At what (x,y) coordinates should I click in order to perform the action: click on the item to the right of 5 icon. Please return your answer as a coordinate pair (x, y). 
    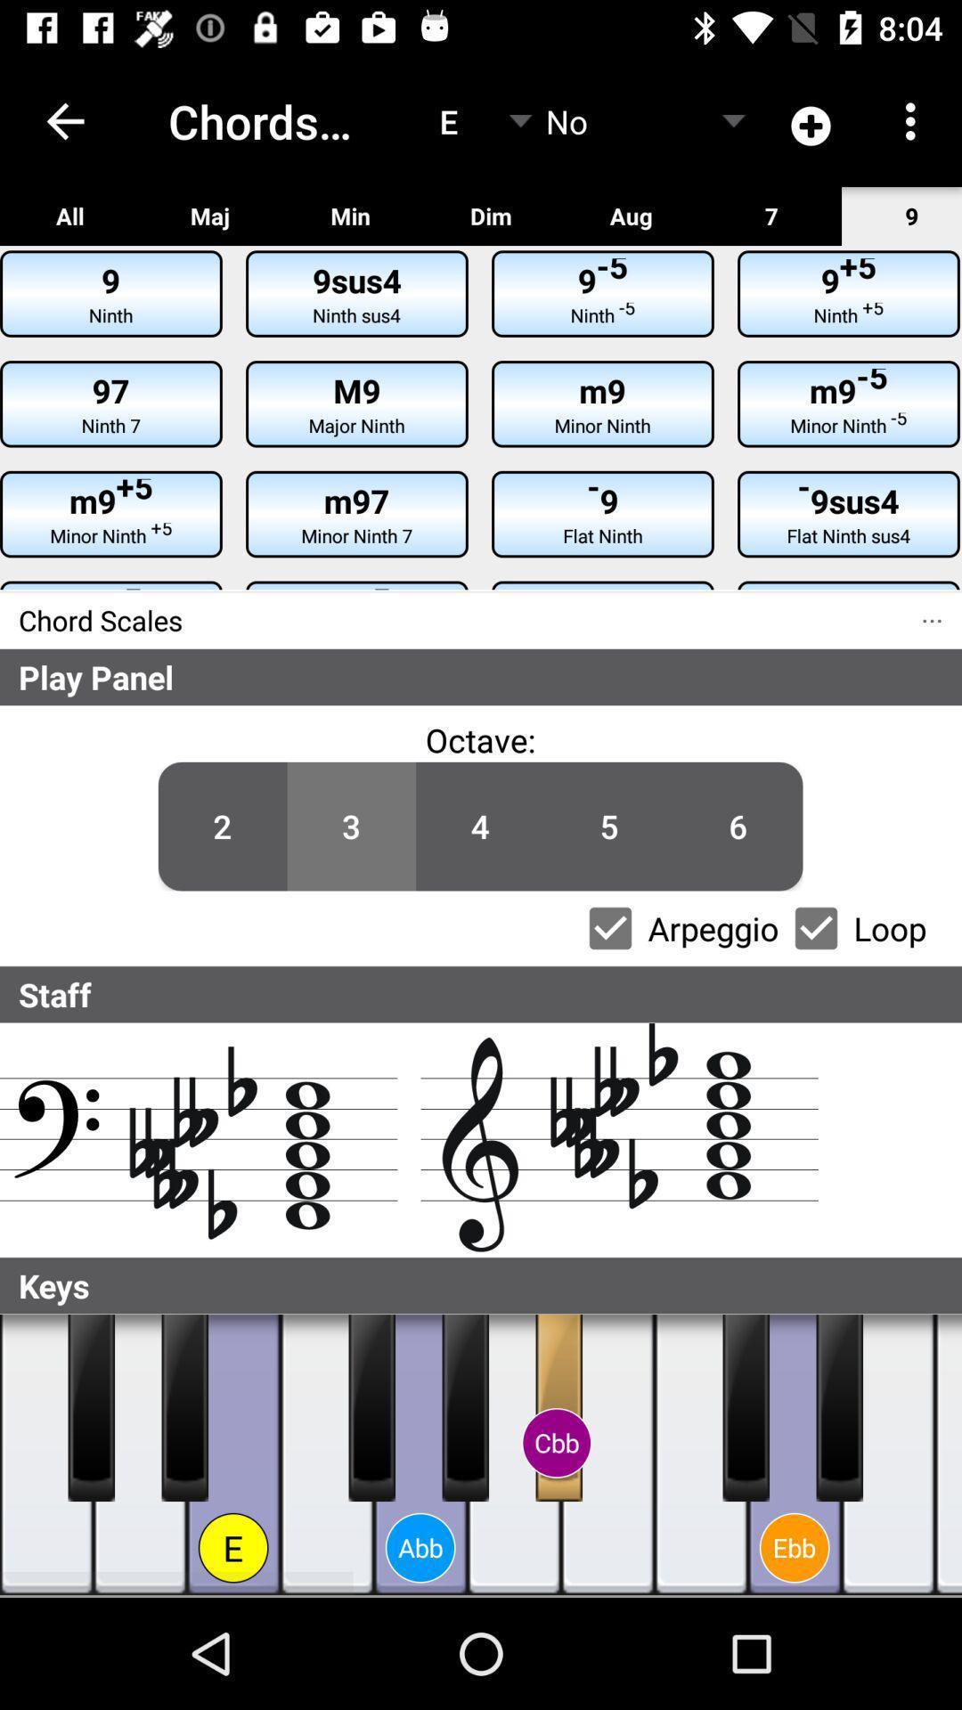
    Looking at the image, I should click on (738, 826).